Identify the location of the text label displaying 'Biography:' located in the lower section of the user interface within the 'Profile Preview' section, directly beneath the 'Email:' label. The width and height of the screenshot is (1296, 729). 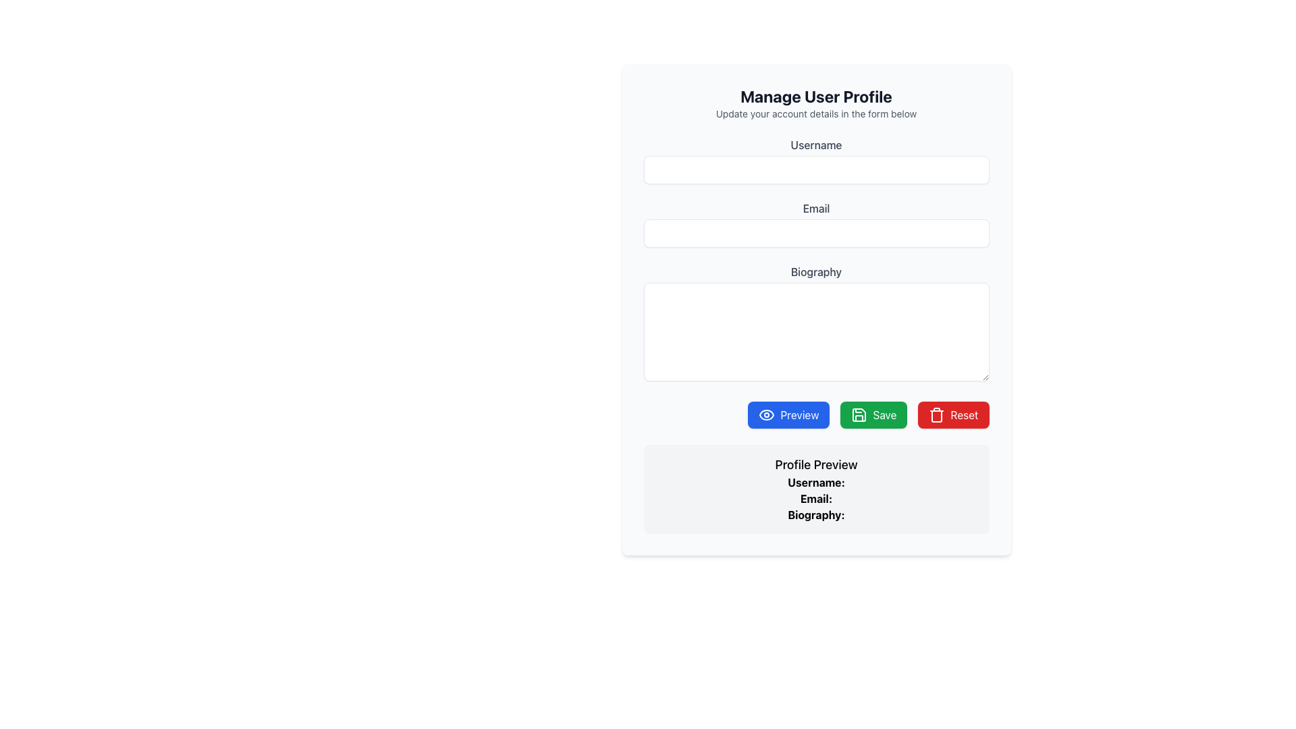
(815, 515).